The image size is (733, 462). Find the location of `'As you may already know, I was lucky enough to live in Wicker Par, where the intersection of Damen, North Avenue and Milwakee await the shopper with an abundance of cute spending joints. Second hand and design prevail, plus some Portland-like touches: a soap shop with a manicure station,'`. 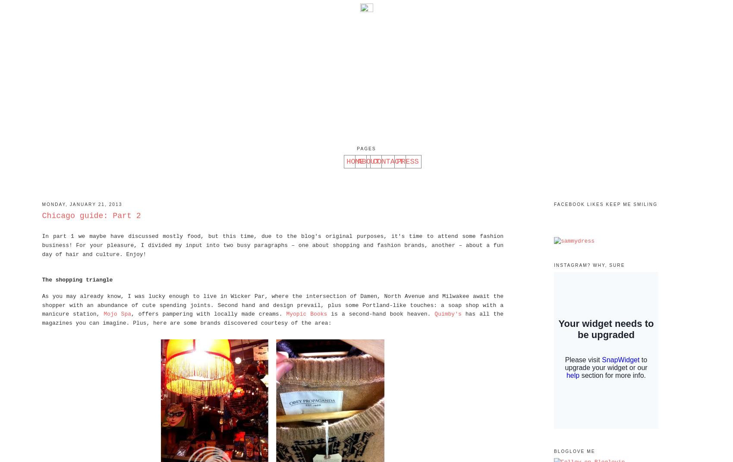

'As you may already know, I was lucky enough to live in Wicker Par, where the intersection of Damen, North Avenue and Milwakee await the shopper with an abundance of cute spending joints. Second hand and design prevail, plus some Portland-like touches: a soap shop with a manicure station,' is located at coordinates (272, 305).